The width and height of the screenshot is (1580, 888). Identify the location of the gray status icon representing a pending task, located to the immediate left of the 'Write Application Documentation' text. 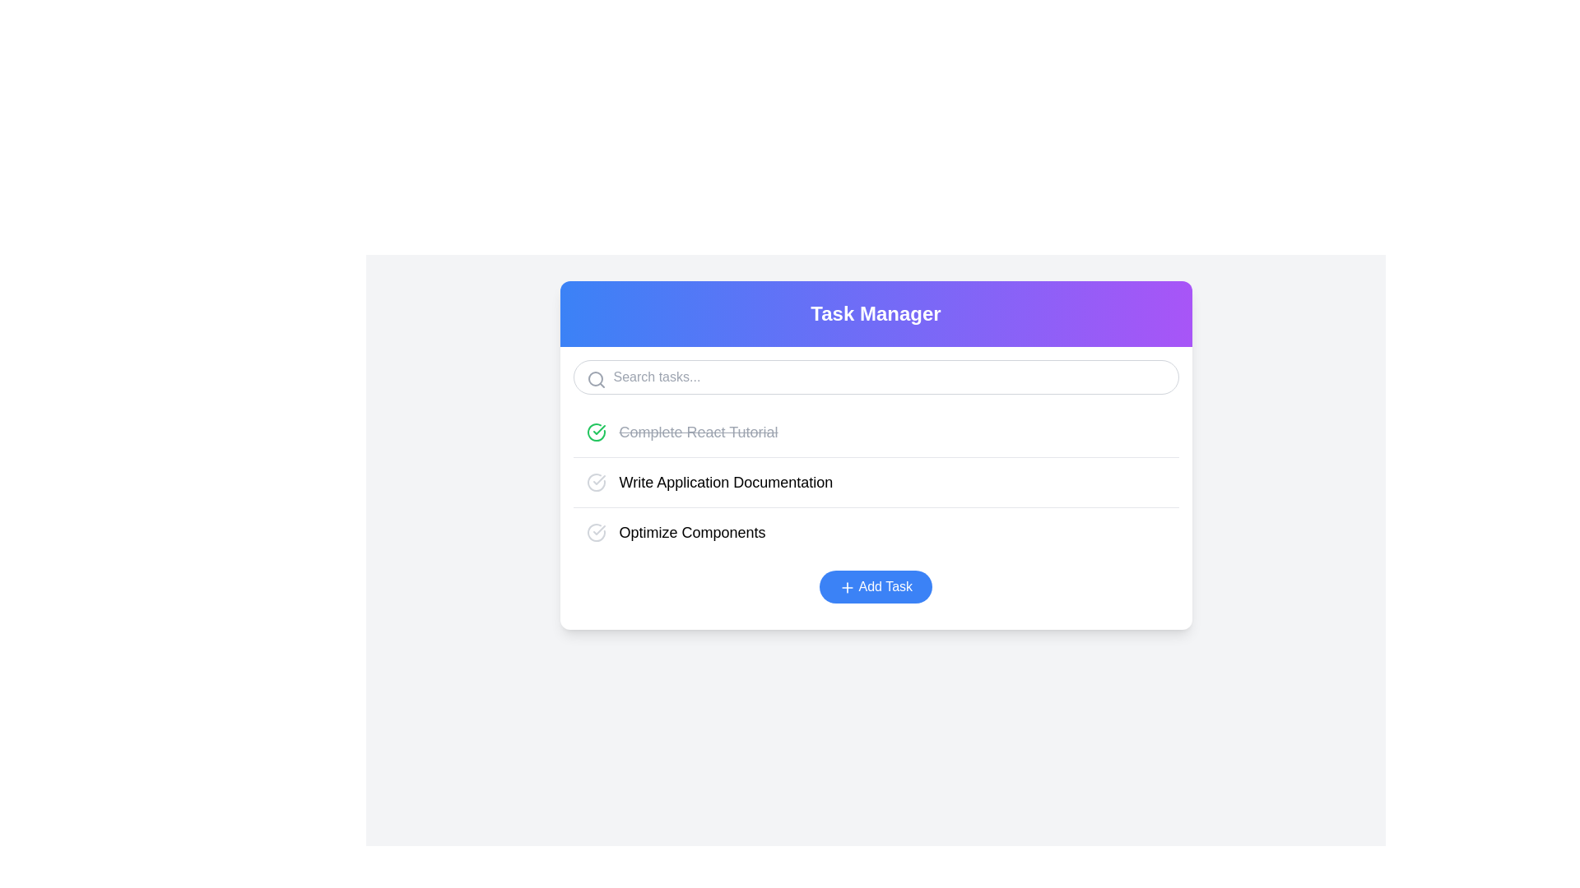
(595, 481).